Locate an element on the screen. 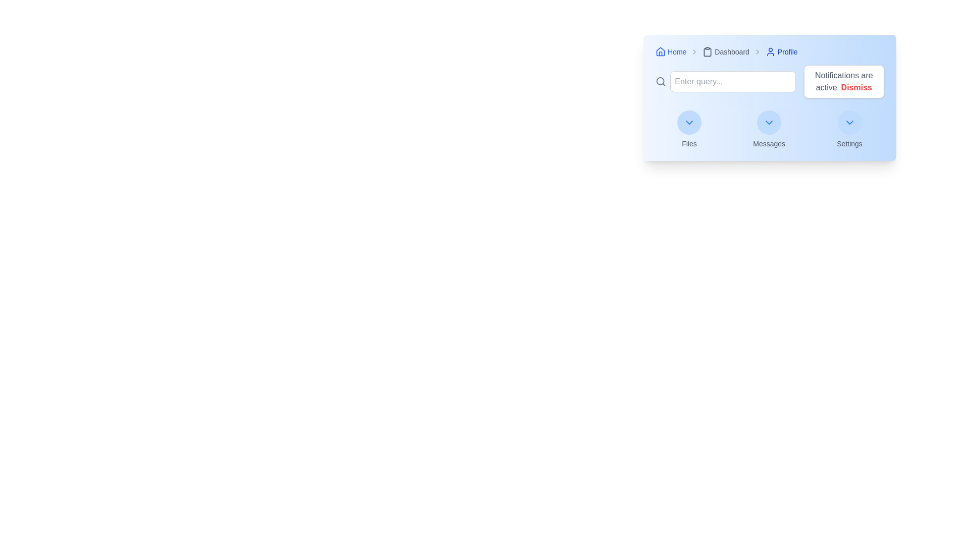 Image resolution: width=969 pixels, height=545 pixels. the user profile icon represented as an outlined person figure with a blue stroke, located at the far right of the navigation breadcrumb bar, preceding the text 'Profile' is located at coordinates (770, 52).